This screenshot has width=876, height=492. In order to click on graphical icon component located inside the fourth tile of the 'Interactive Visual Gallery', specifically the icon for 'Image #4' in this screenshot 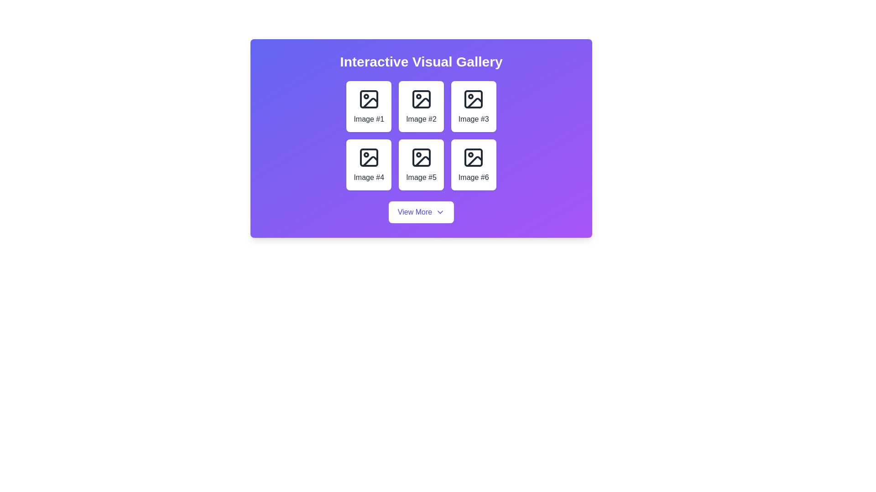, I will do `click(369, 157)`.